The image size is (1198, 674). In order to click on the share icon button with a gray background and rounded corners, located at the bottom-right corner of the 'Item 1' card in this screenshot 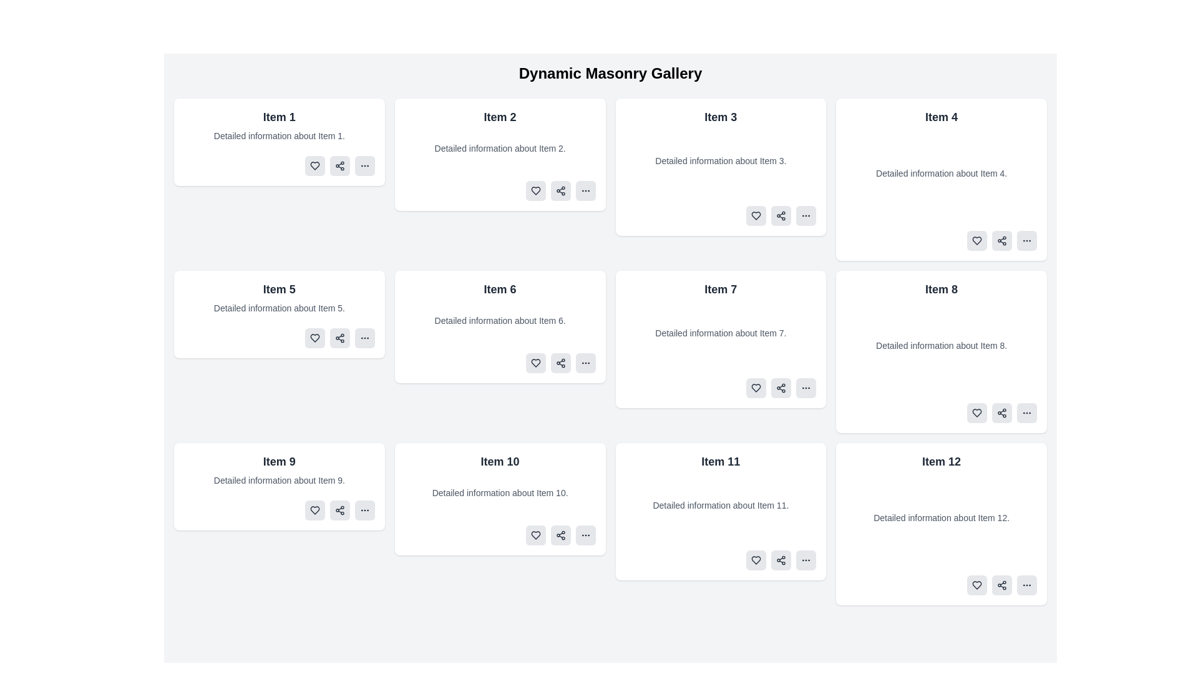, I will do `click(339, 165)`.